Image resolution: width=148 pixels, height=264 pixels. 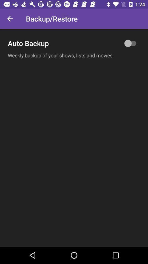 What do you see at coordinates (10, 19) in the screenshot?
I see `the icon at the top left corner` at bounding box center [10, 19].